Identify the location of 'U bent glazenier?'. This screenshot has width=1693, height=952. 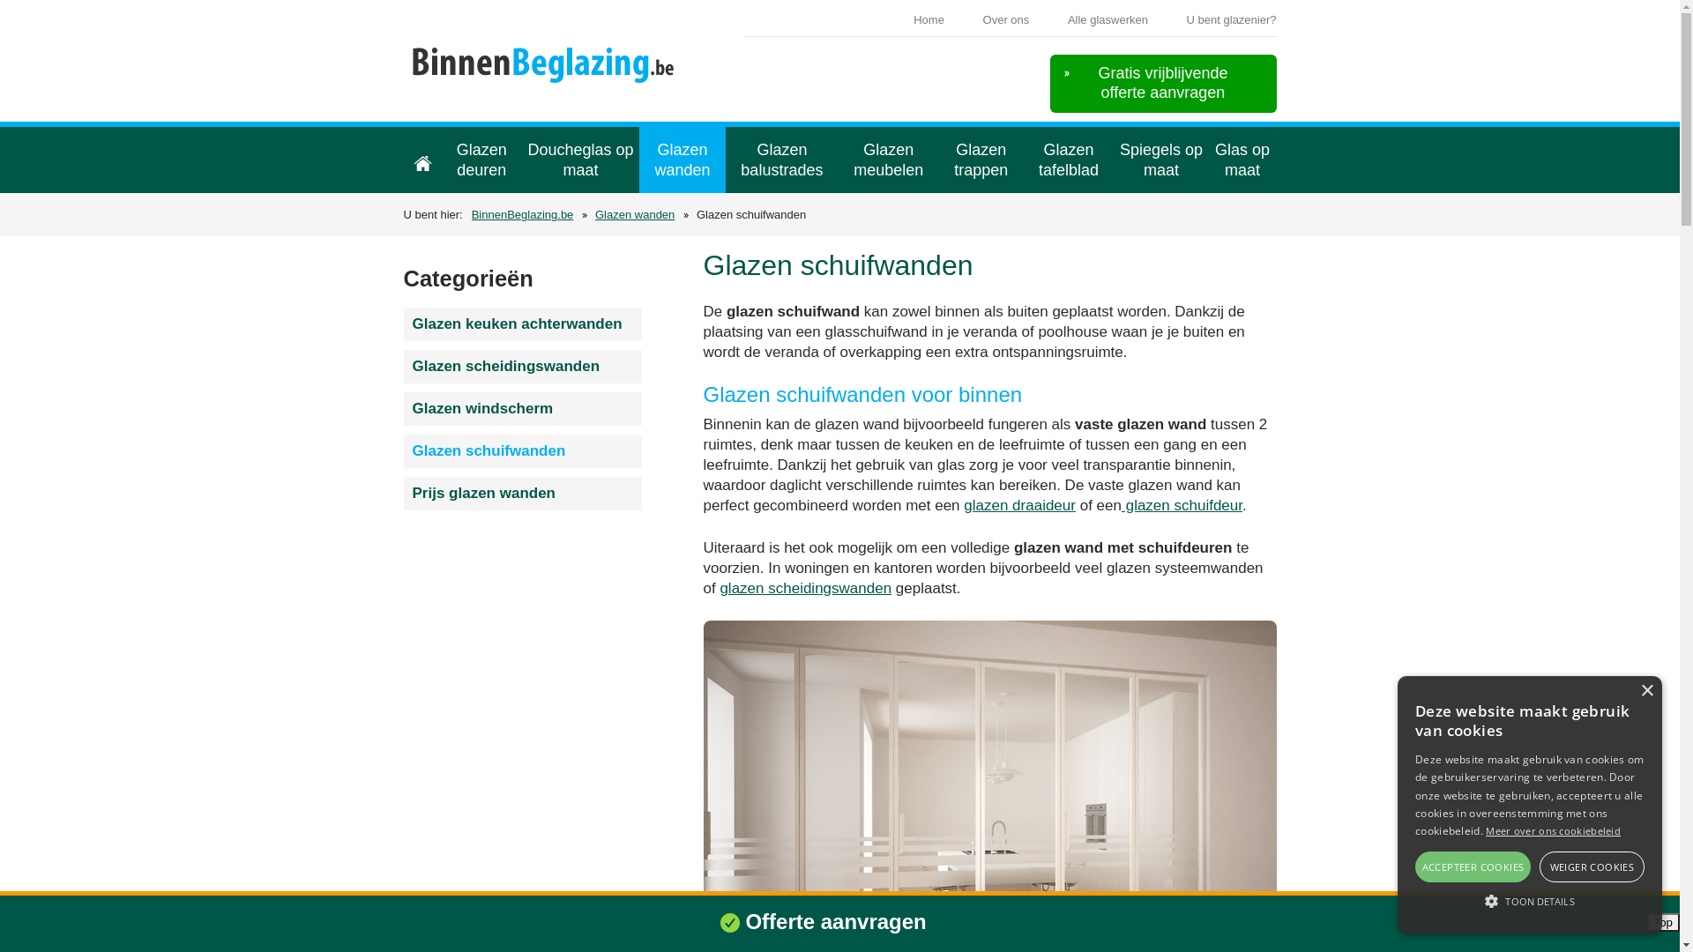
(1230, 19).